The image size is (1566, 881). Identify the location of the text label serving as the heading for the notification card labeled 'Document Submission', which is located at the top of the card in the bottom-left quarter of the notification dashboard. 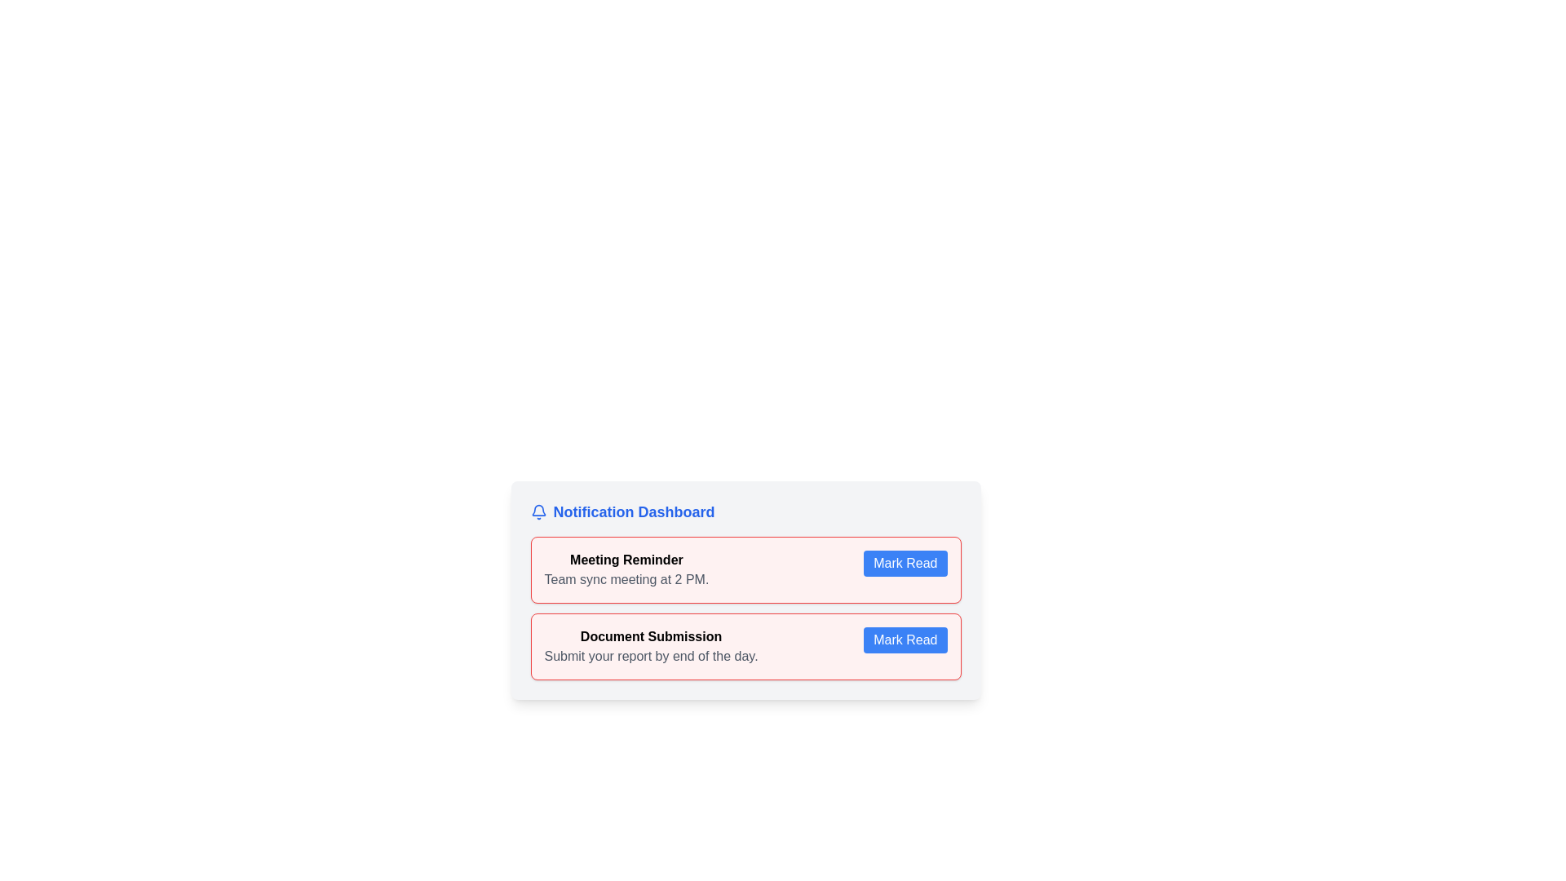
(650, 635).